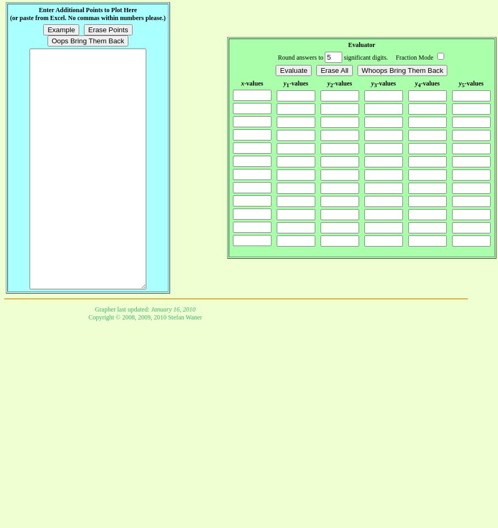 The image size is (498, 528). What do you see at coordinates (121, 308) in the screenshot?
I see `'Grapher last updated:'` at bounding box center [121, 308].